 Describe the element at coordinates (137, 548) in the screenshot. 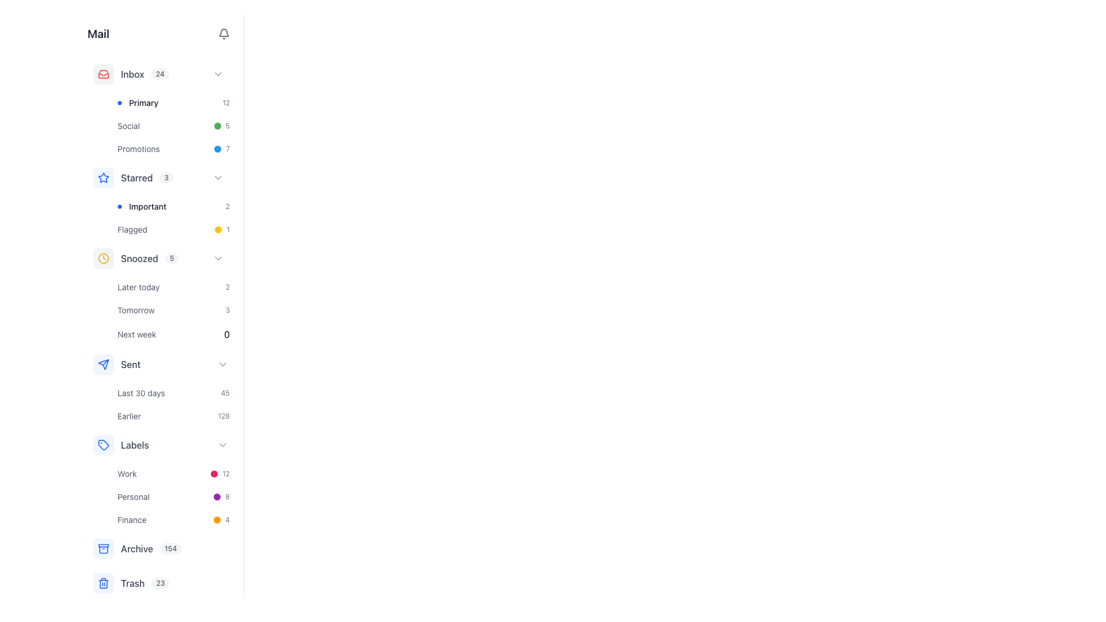

I see `the text label indicating the archive section in the navigational menu, positioned between an archive box icon and a numerical badge (154)` at that location.